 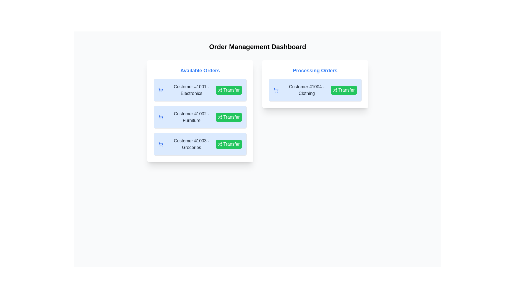 What do you see at coordinates (276, 89) in the screenshot?
I see `the main body of the shopping cart icon, which is a blue vector graphic resembling a minimalistic shopping cart, located under the 'Processing Orders' section for 'Customer #1004 - Clothing'` at bounding box center [276, 89].